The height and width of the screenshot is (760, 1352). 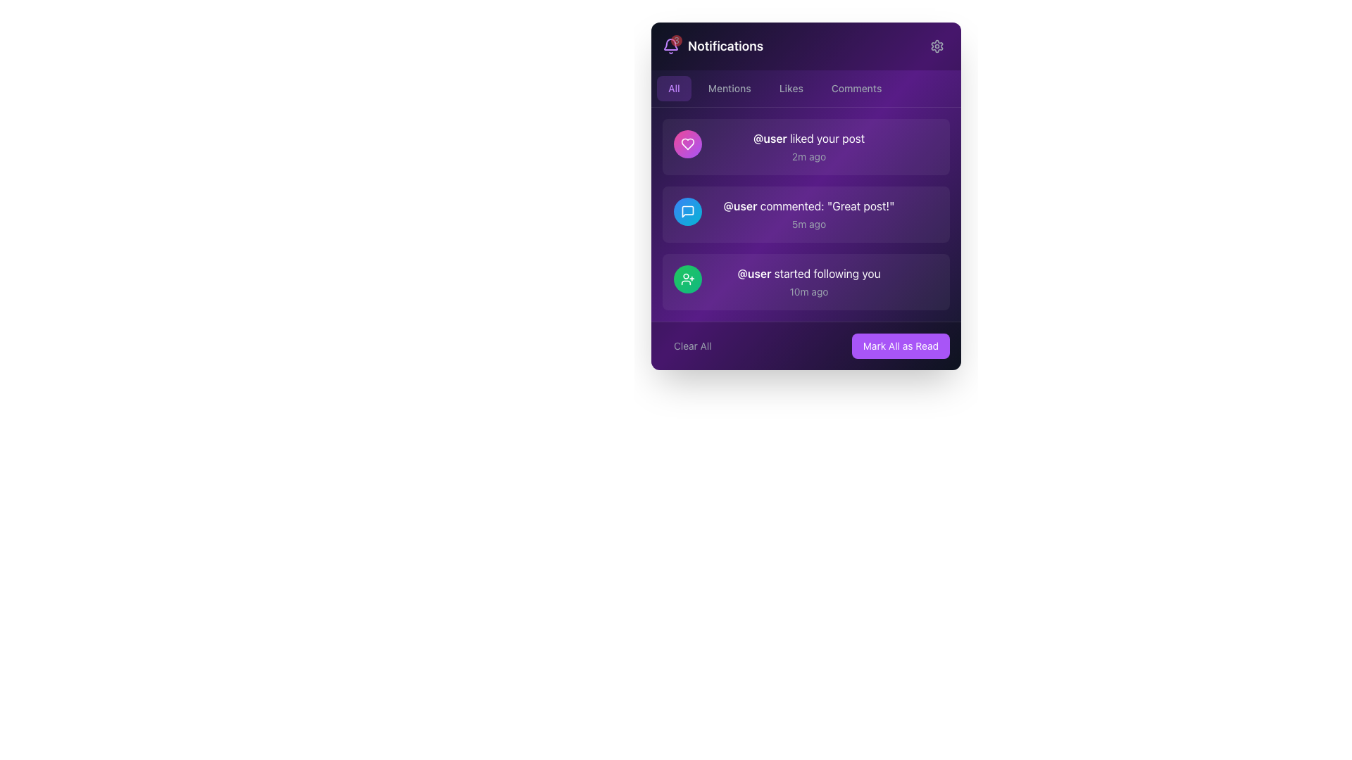 What do you see at coordinates (808, 146) in the screenshot?
I see `the text block notification indicating that '@user' has liked a post, which is the primary text component of the first notification card in the notifications panel` at bounding box center [808, 146].